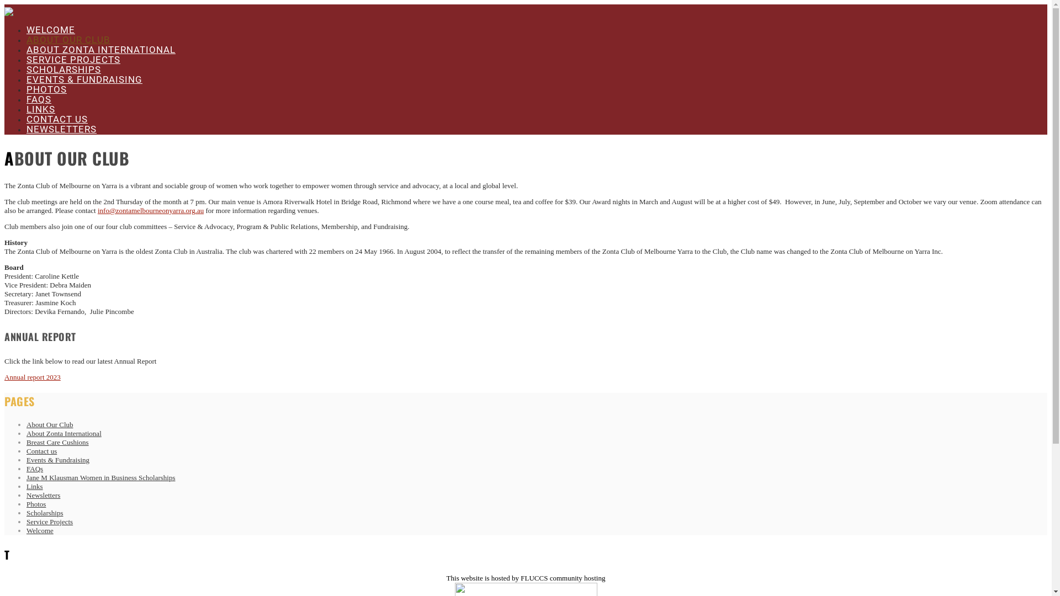  What do you see at coordinates (26, 486) in the screenshot?
I see `'Links'` at bounding box center [26, 486].